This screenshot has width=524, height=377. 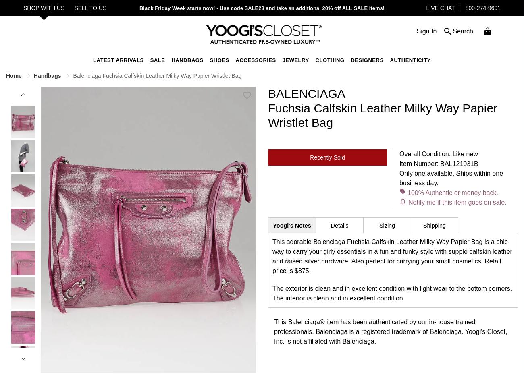 I want to click on 'The exterior is clean and in excellent condition with light wear to the bottom corners. The interior is clean and in excellent condition', so click(x=392, y=292).